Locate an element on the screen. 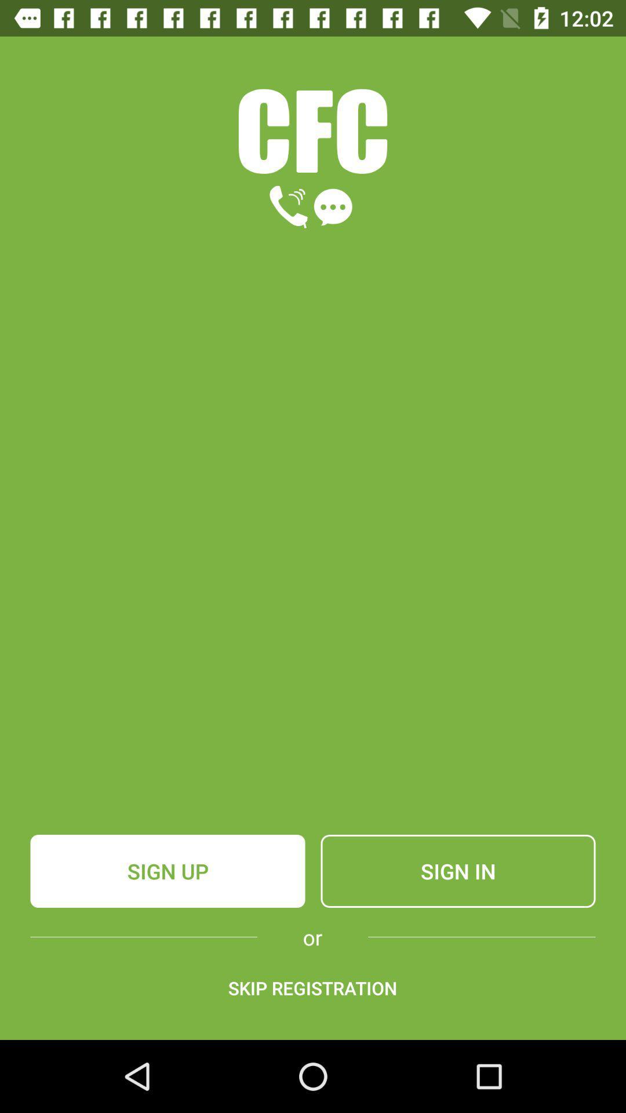  icon next to the sign up icon is located at coordinates (457, 871).